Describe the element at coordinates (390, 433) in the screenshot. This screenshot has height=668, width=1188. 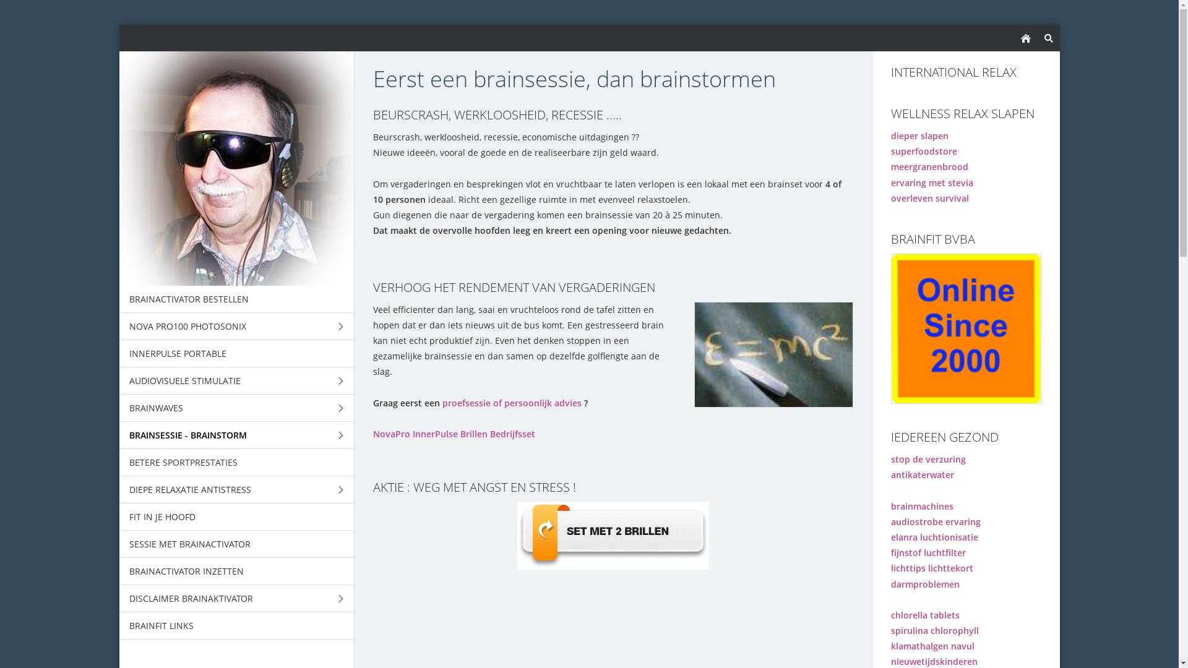
I see `'NovaPro'` at that location.